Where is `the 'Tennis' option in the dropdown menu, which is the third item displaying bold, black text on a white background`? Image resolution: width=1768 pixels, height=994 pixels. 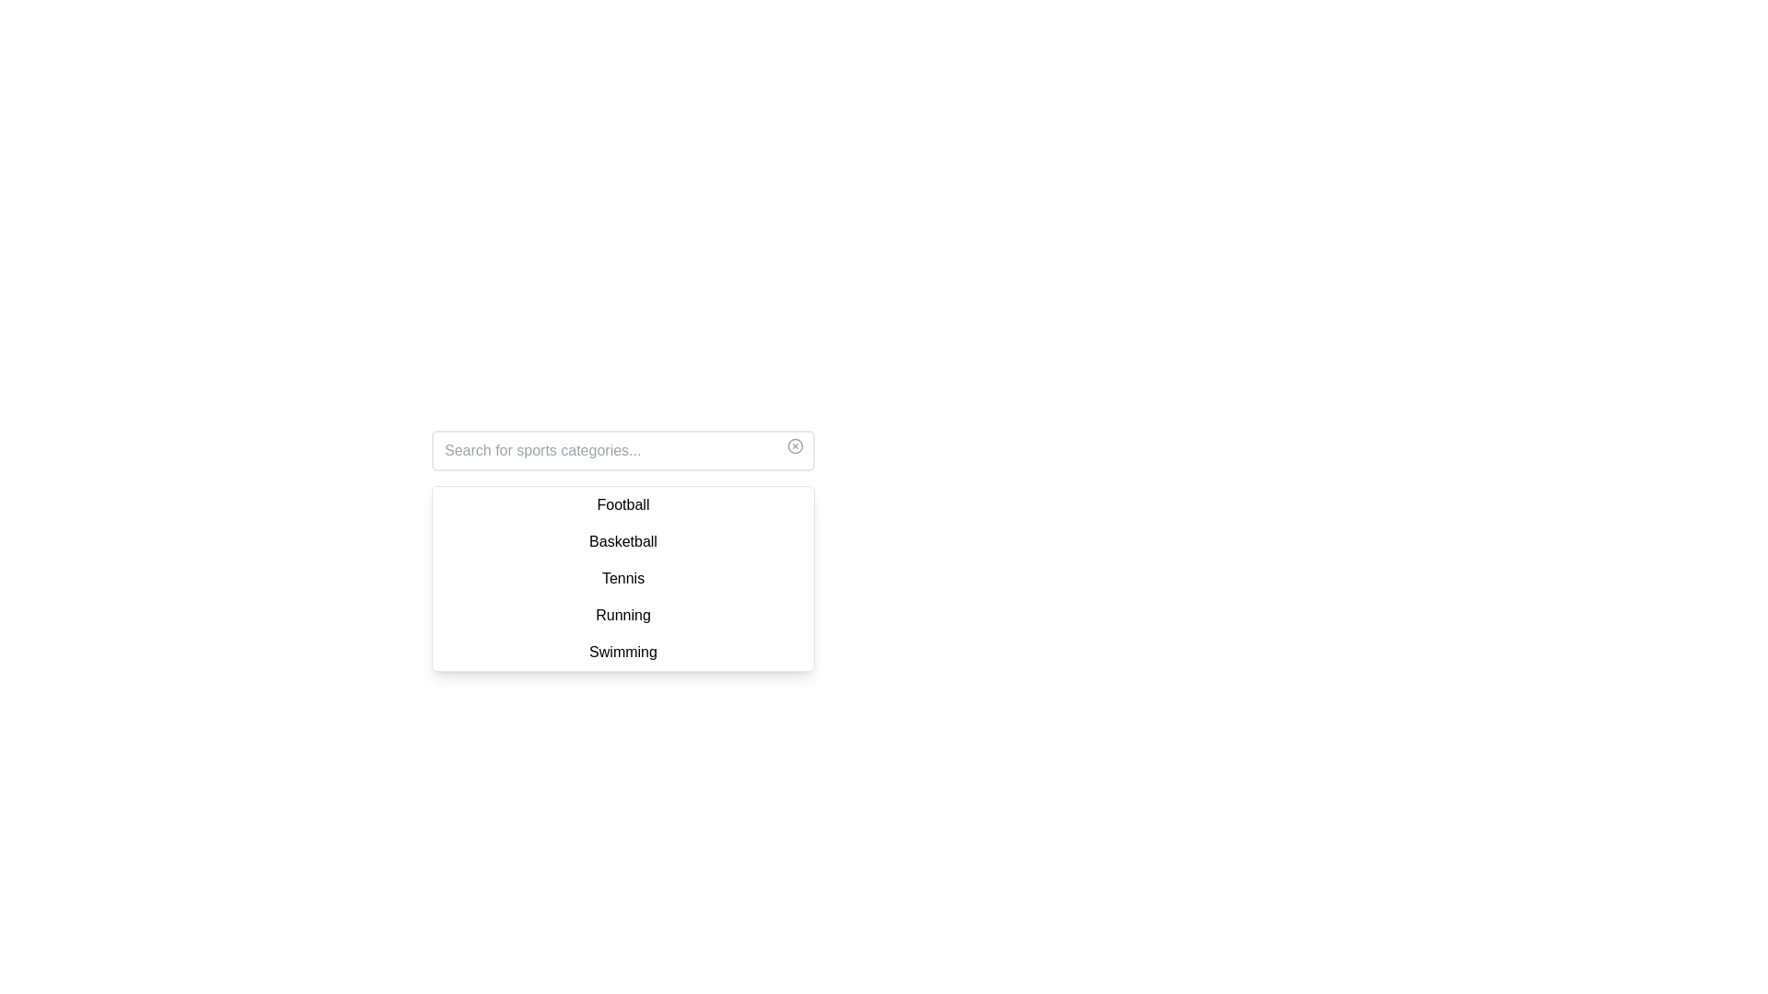 the 'Tennis' option in the dropdown menu, which is the third item displaying bold, black text on a white background is located at coordinates (622, 577).